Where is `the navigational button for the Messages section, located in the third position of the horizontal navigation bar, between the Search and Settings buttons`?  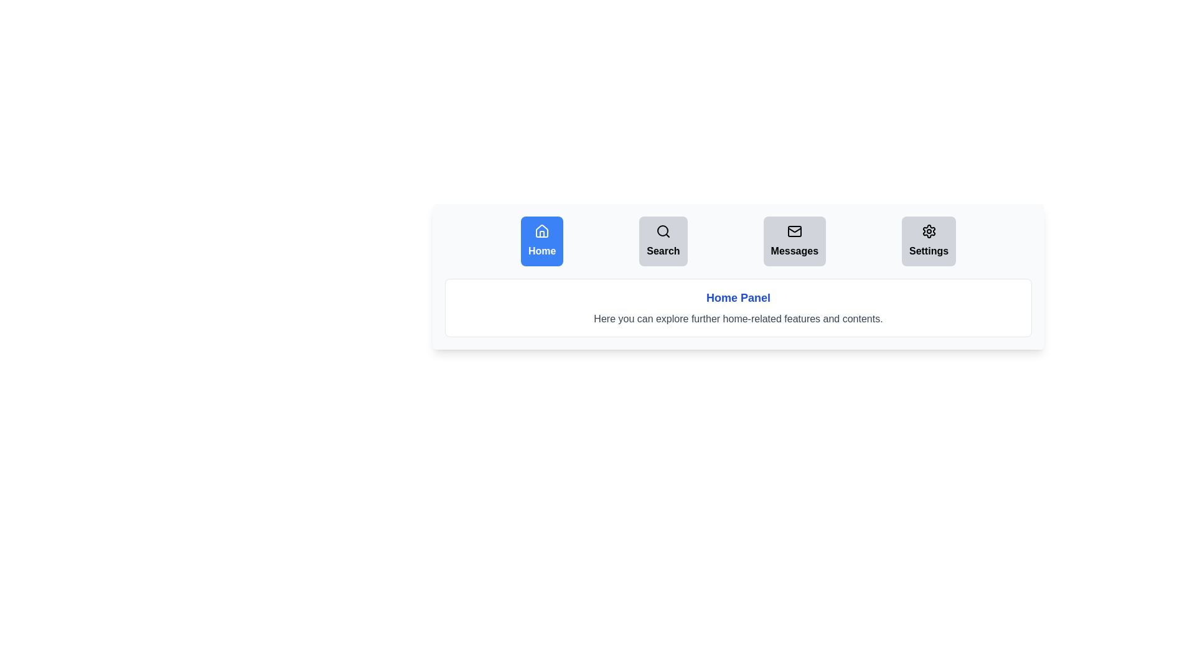
the navigational button for the Messages section, located in the third position of the horizontal navigation bar, between the Search and Settings buttons is located at coordinates (794, 241).